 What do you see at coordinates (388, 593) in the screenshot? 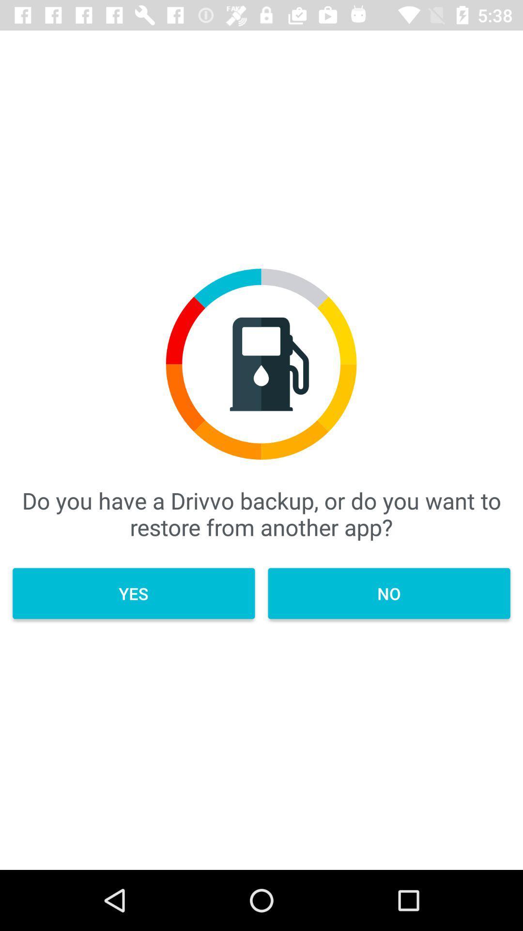
I see `icon to the right of yes icon` at bounding box center [388, 593].